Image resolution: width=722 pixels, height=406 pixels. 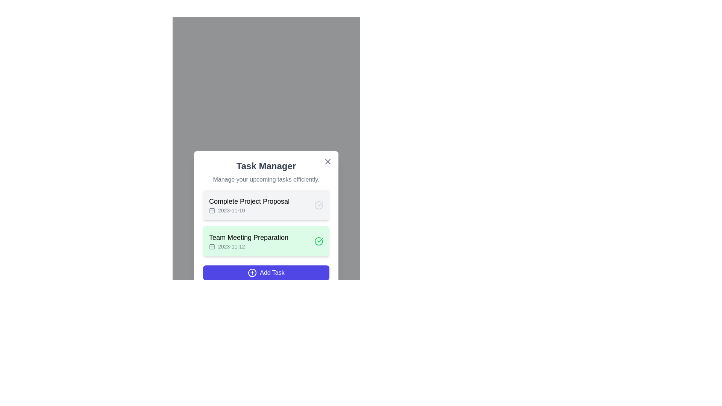 What do you see at coordinates (249, 241) in the screenshot?
I see `the list item displaying 'Team Meeting Preparation' with the date '2023-11-12' and a calendar icon, located in the middle part of the task list under the 'Task Manager' section` at bounding box center [249, 241].